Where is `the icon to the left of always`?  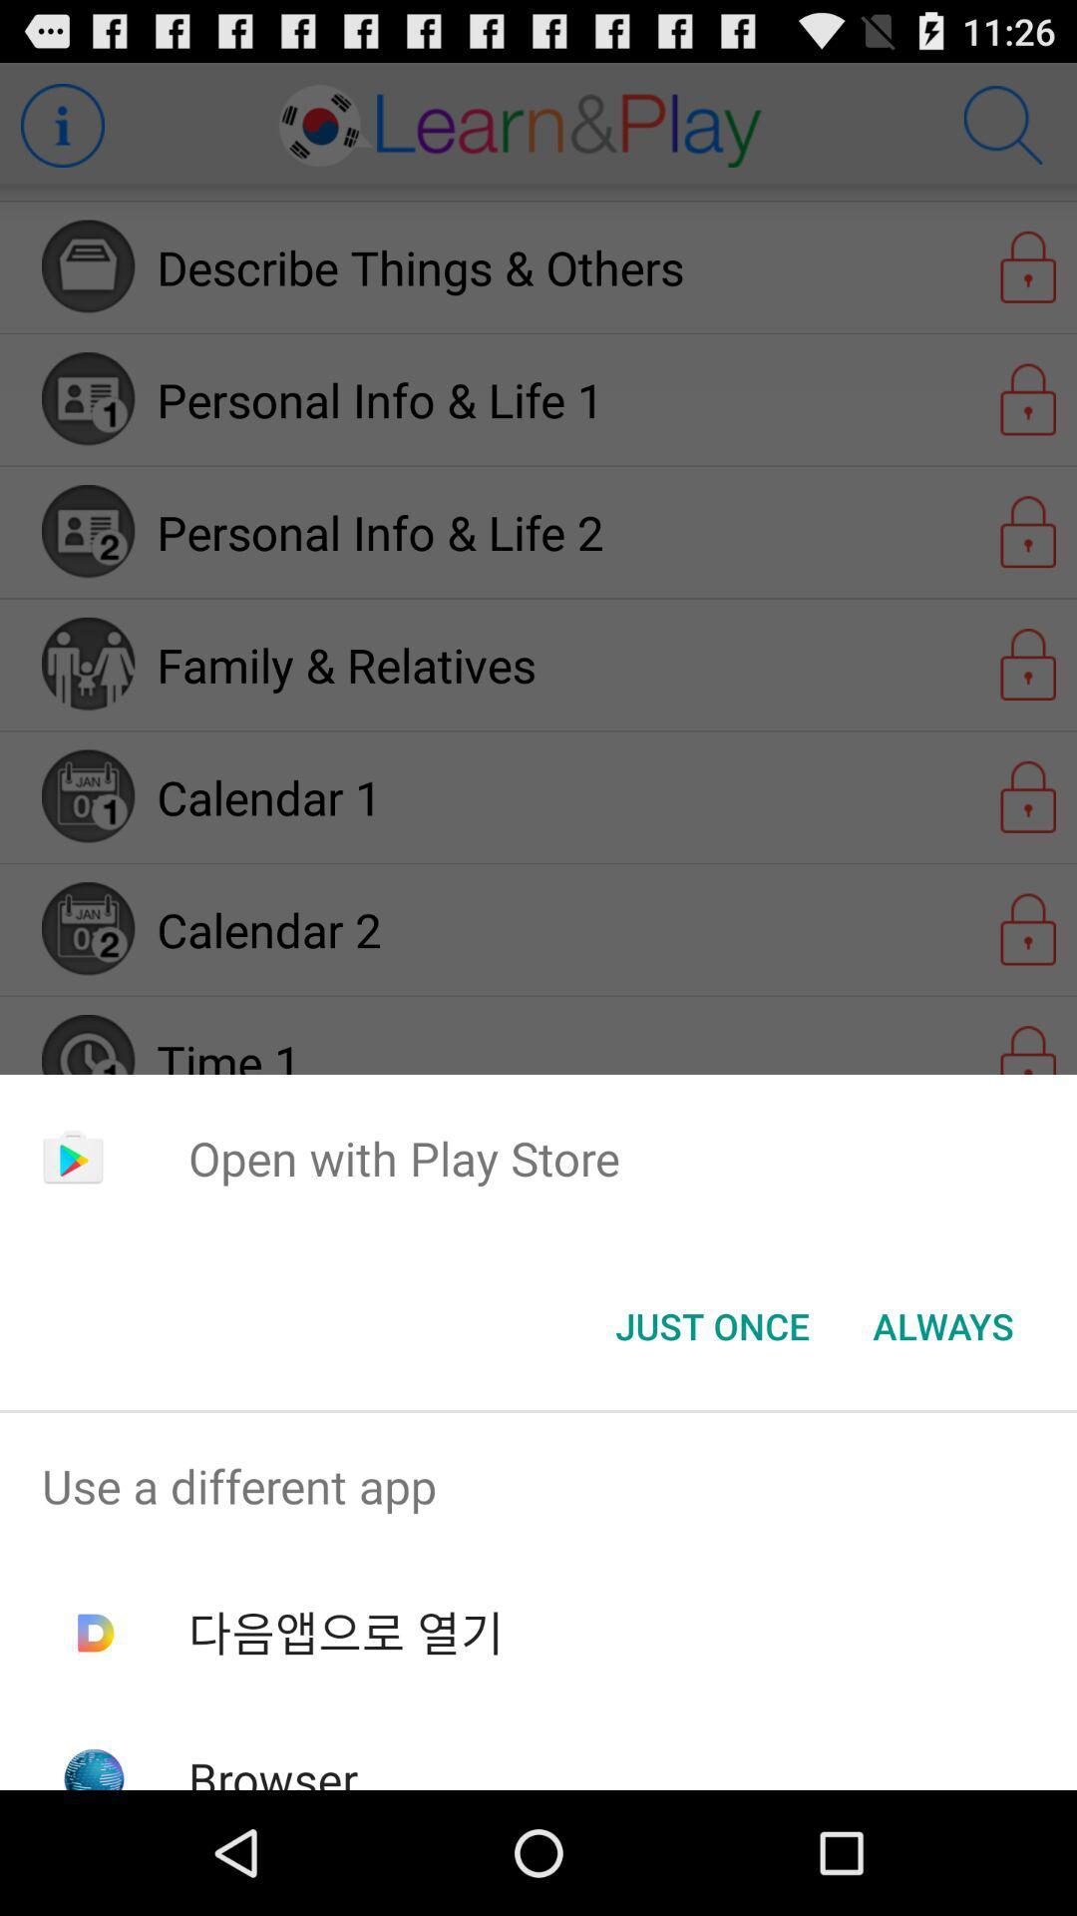 the icon to the left of always is located at coordinates (711, 1326).